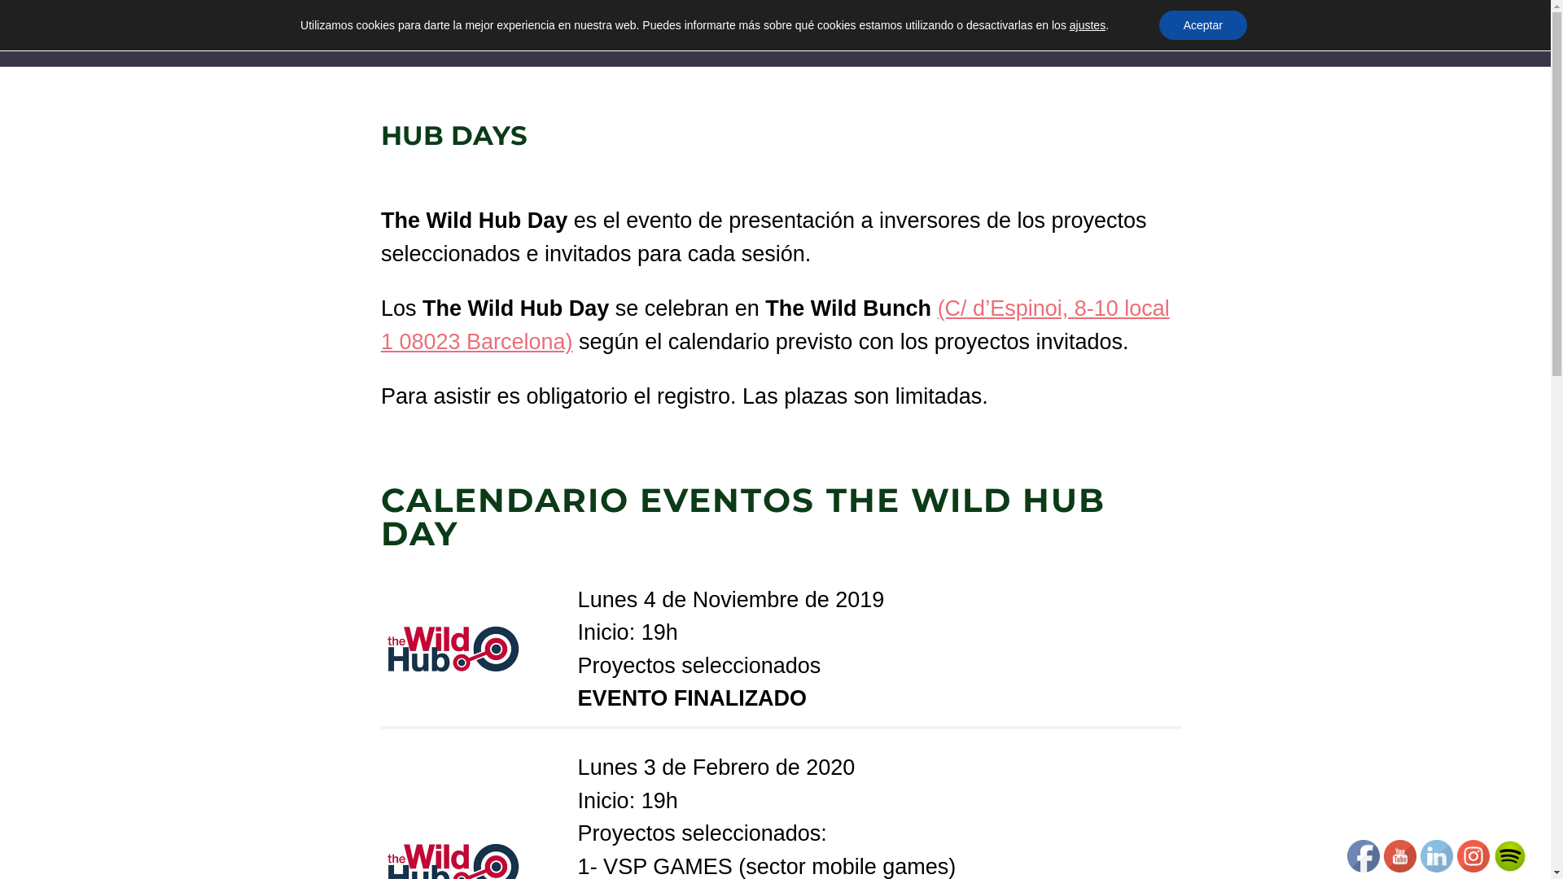 The image size is (1563, 879). What do you see at coordinates (81, 22) in the screenshot?
I see `'THE WILD BUNCH'` at bounding box center [81, 22].